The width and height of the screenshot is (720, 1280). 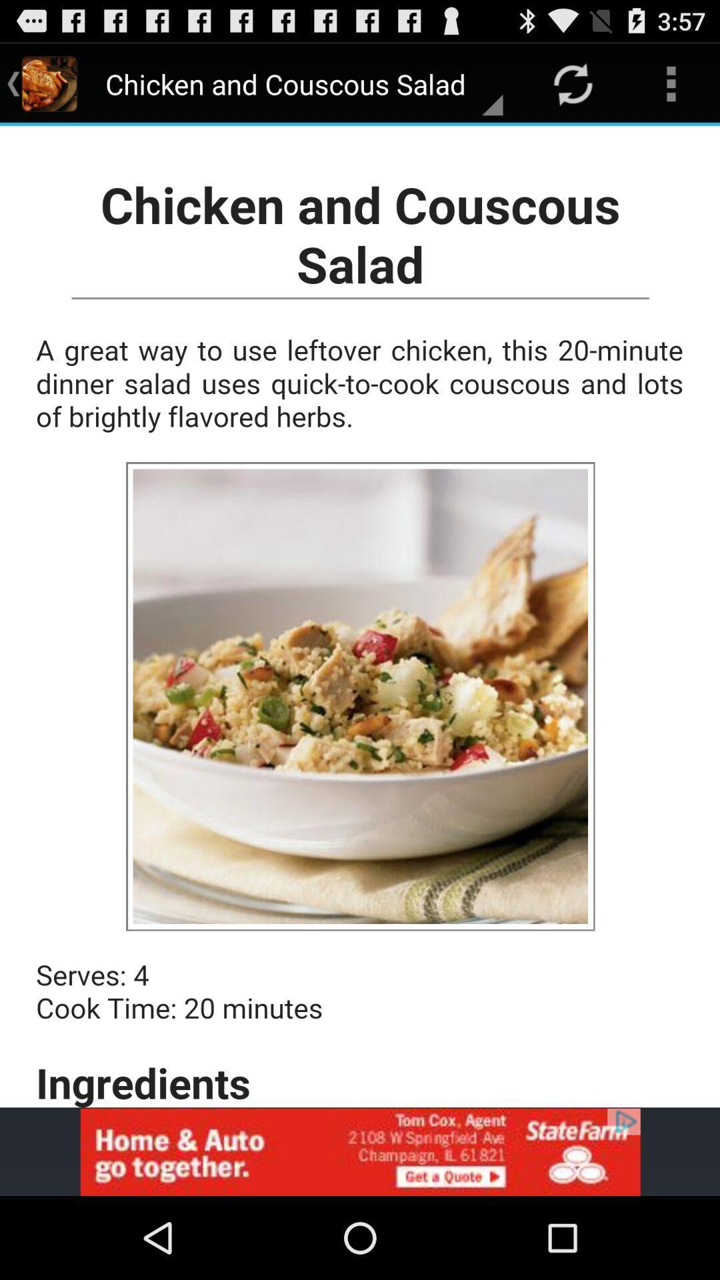 What do you see at coordinates (360, 1151) in the screenshot?
I see `advertisement link` at bounding box center [360, 1151].